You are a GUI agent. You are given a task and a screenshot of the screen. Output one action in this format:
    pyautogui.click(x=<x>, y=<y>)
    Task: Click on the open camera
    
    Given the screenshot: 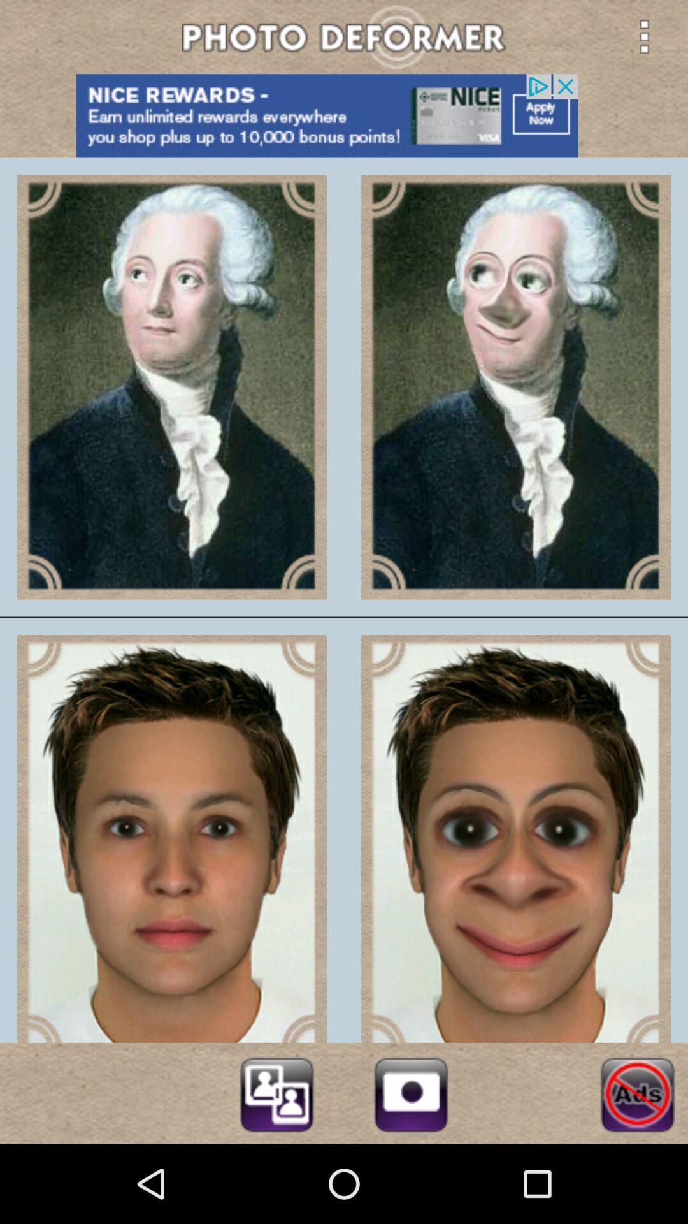 What is the action you would take?
    pyautogui.click(x=411, y=1092)
    